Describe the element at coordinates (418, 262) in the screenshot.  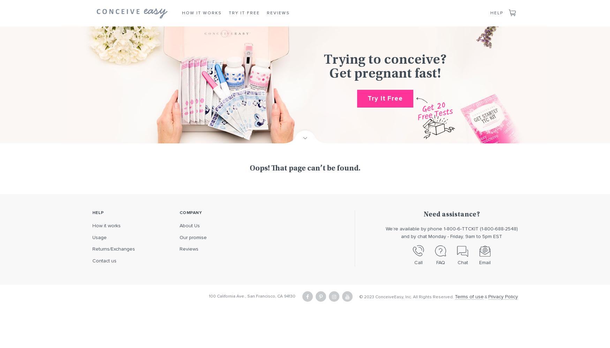
I see `'Call'` at that location.